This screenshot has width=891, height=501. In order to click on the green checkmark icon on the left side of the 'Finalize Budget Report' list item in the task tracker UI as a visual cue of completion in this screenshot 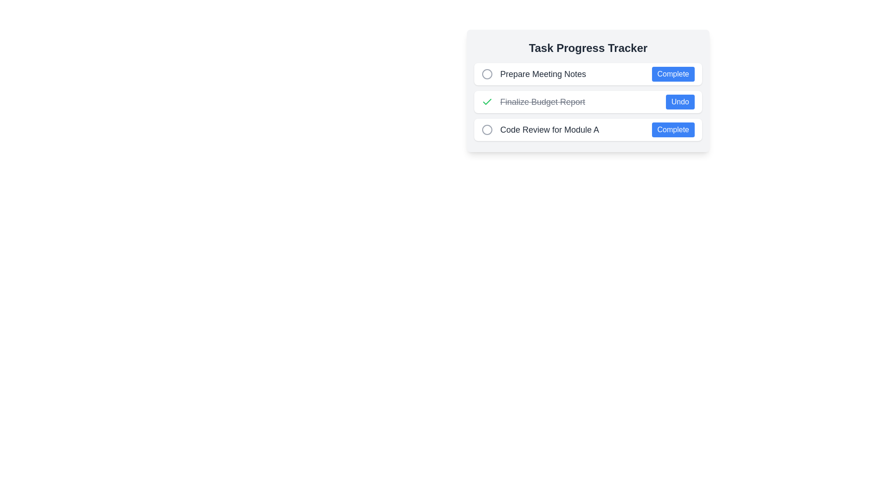, I will do `click(588, 102)`.